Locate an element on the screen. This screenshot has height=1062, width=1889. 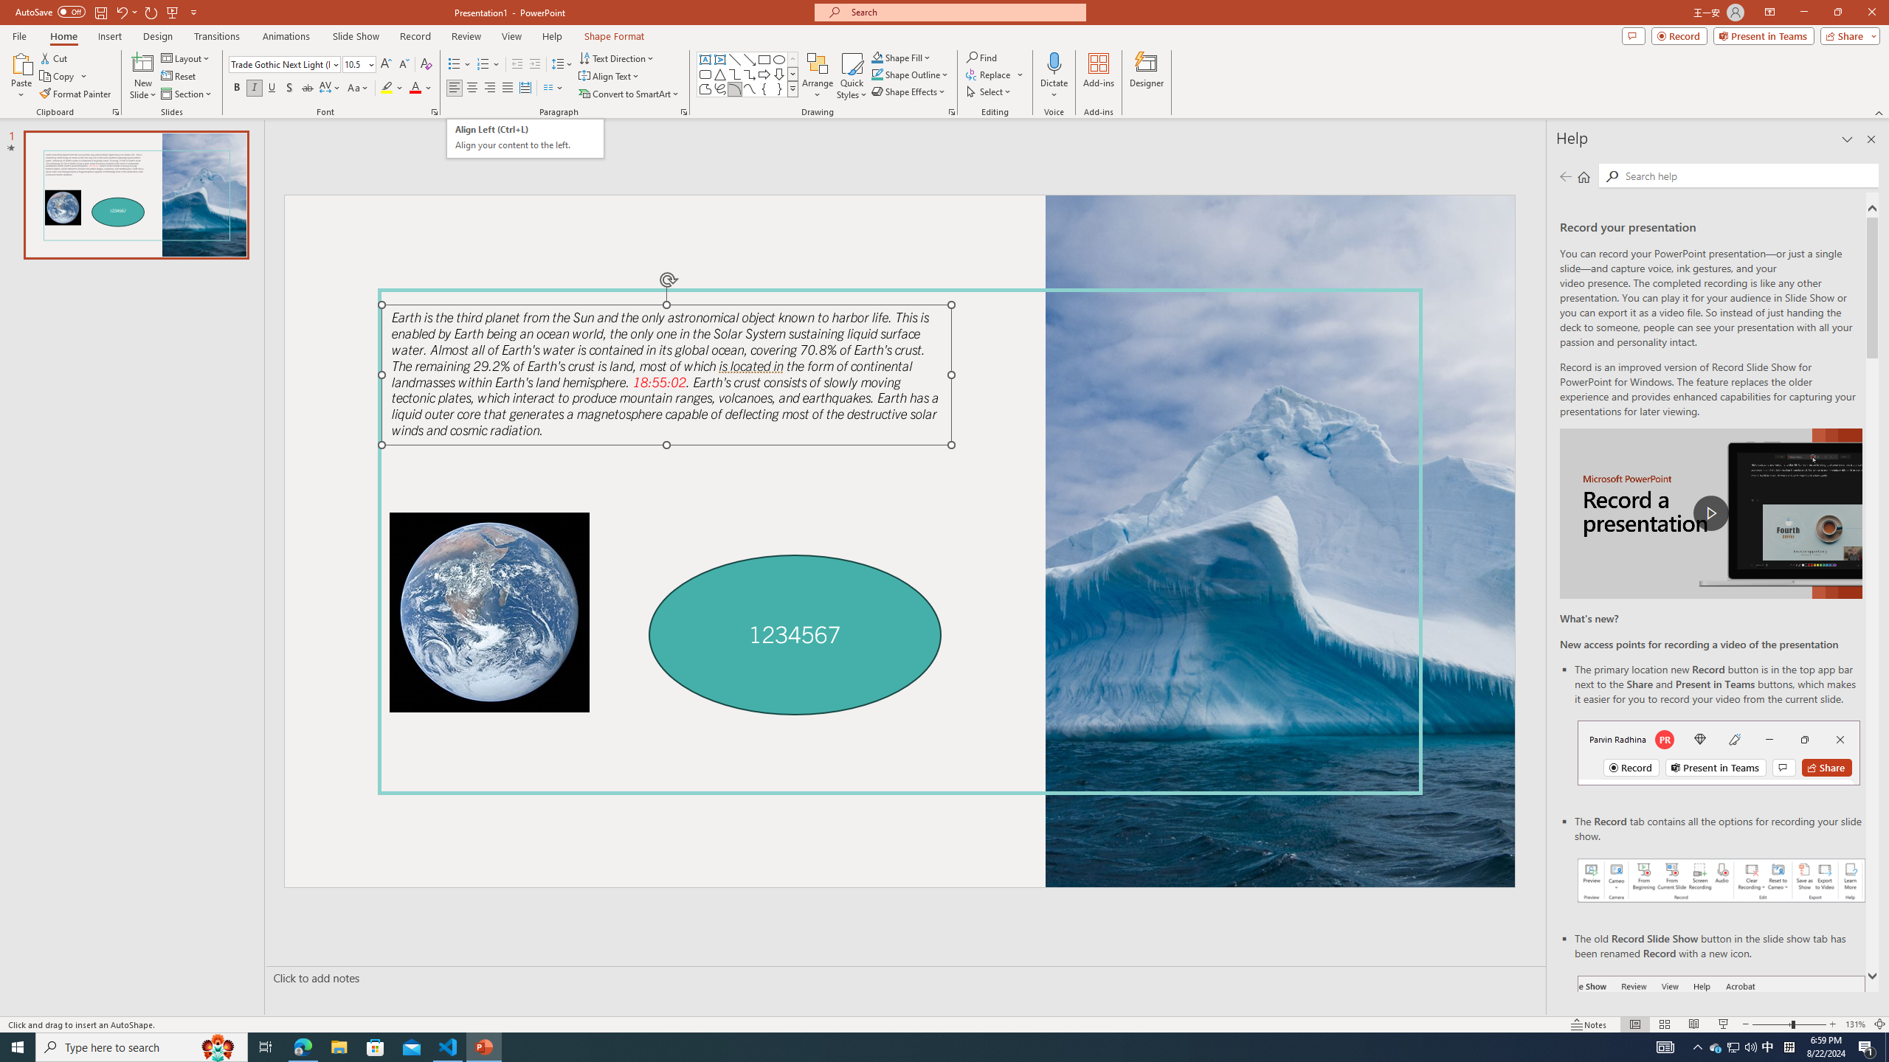
'Shape Outline Teal, Accent 1' is located at coordinates (877, 73).